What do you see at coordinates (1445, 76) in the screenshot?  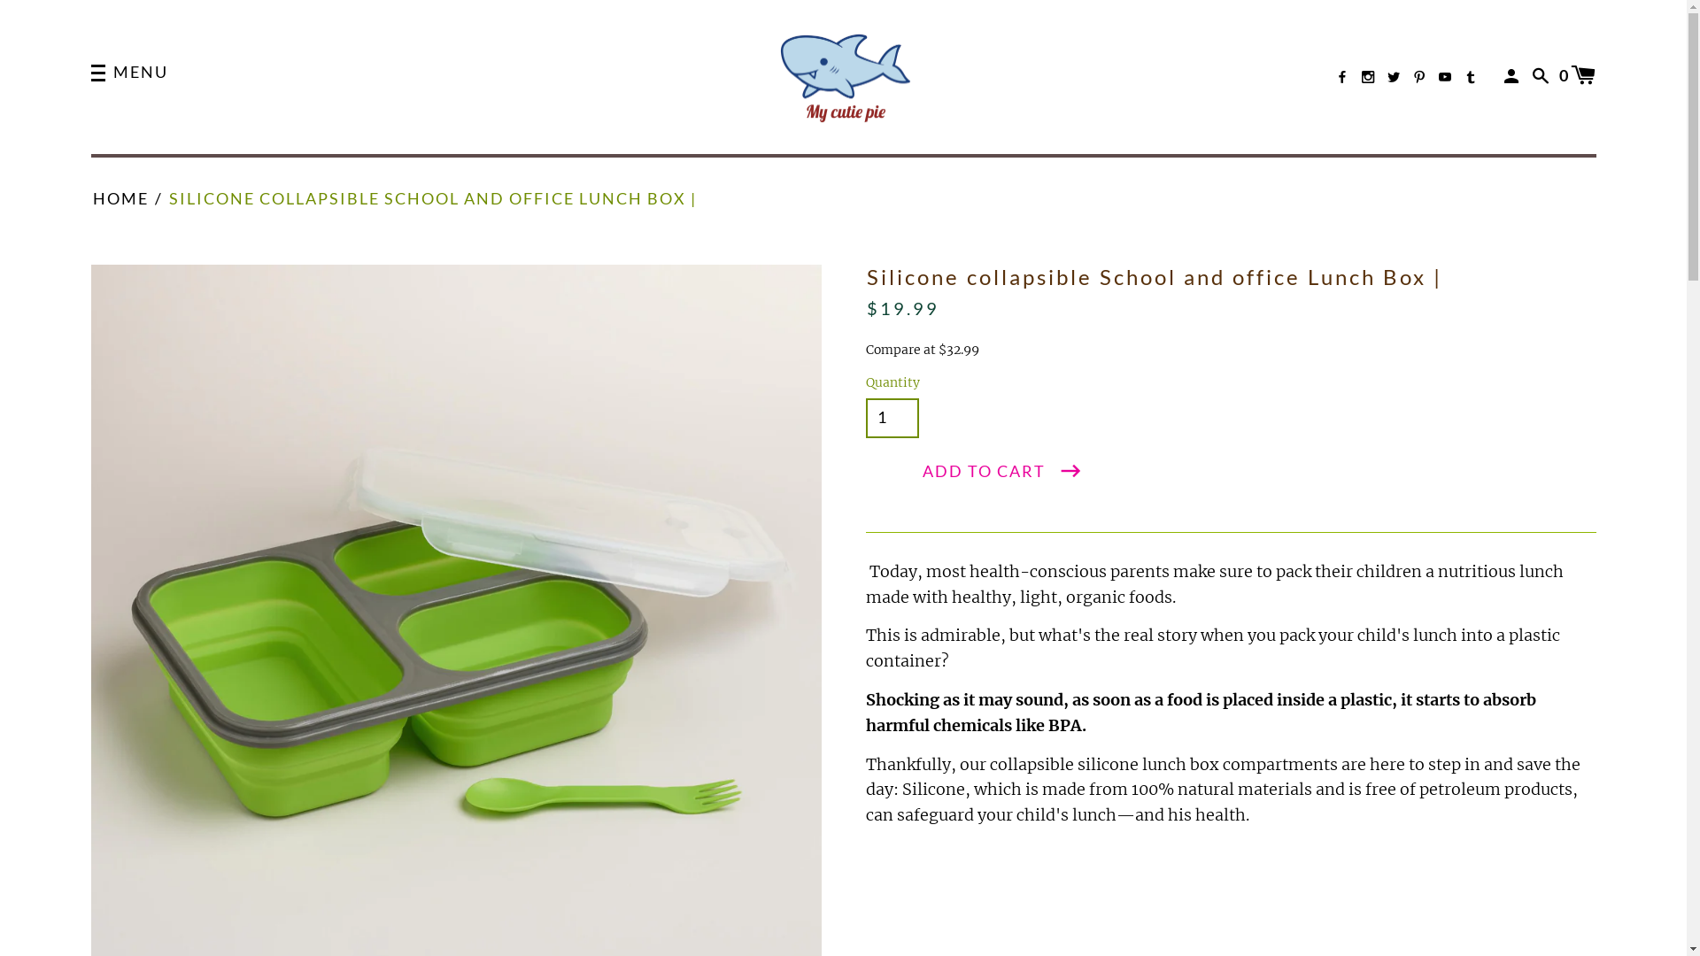 I see `'My Cutie Pie on YouTube'` at bounding box center [1445, 76].